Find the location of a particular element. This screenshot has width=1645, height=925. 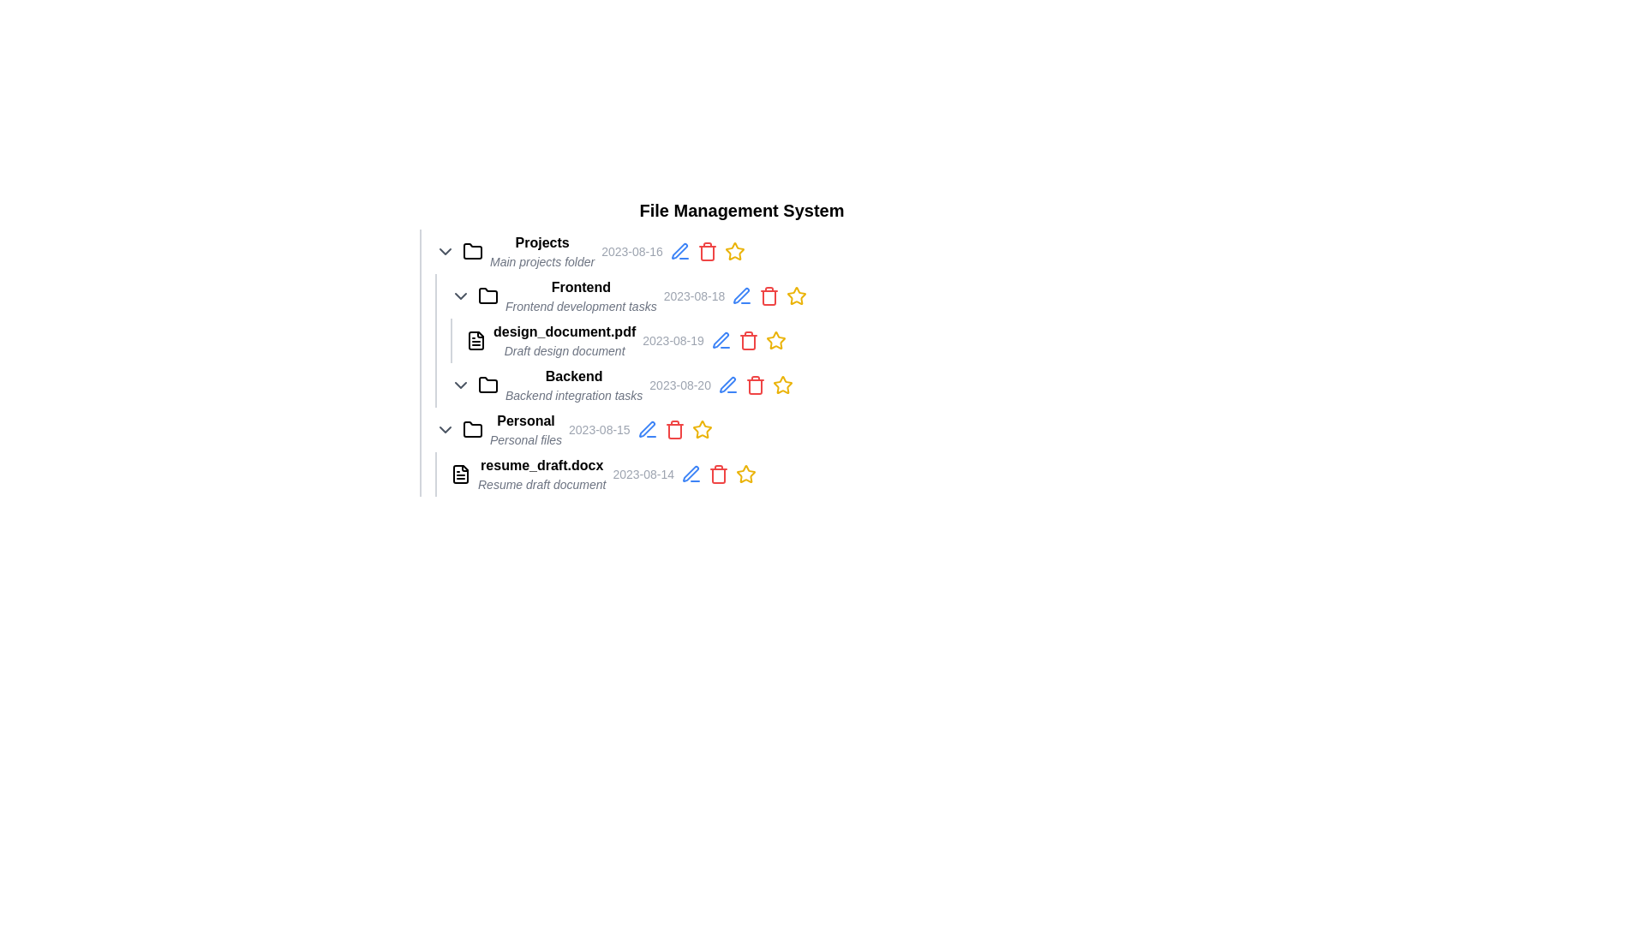

the text label displaying the date associated with the 'Projects' folder, located to the right of the title 'Projects' and left of the edit button is located at coordinates (631, 251).